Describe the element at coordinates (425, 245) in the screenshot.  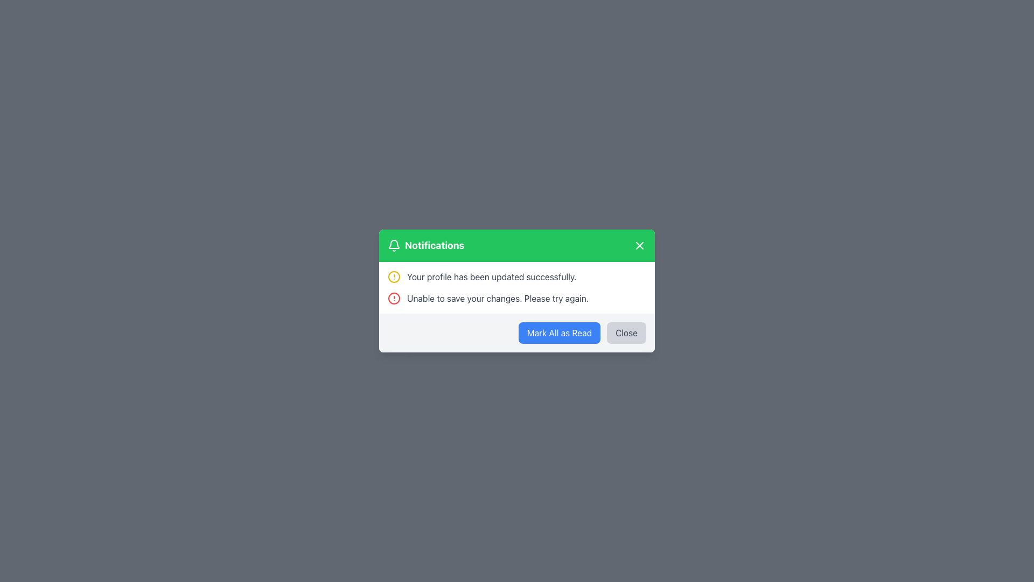
I see `the Text label with accompanying icon located in the green header bar of the notification pop-up` at that location.